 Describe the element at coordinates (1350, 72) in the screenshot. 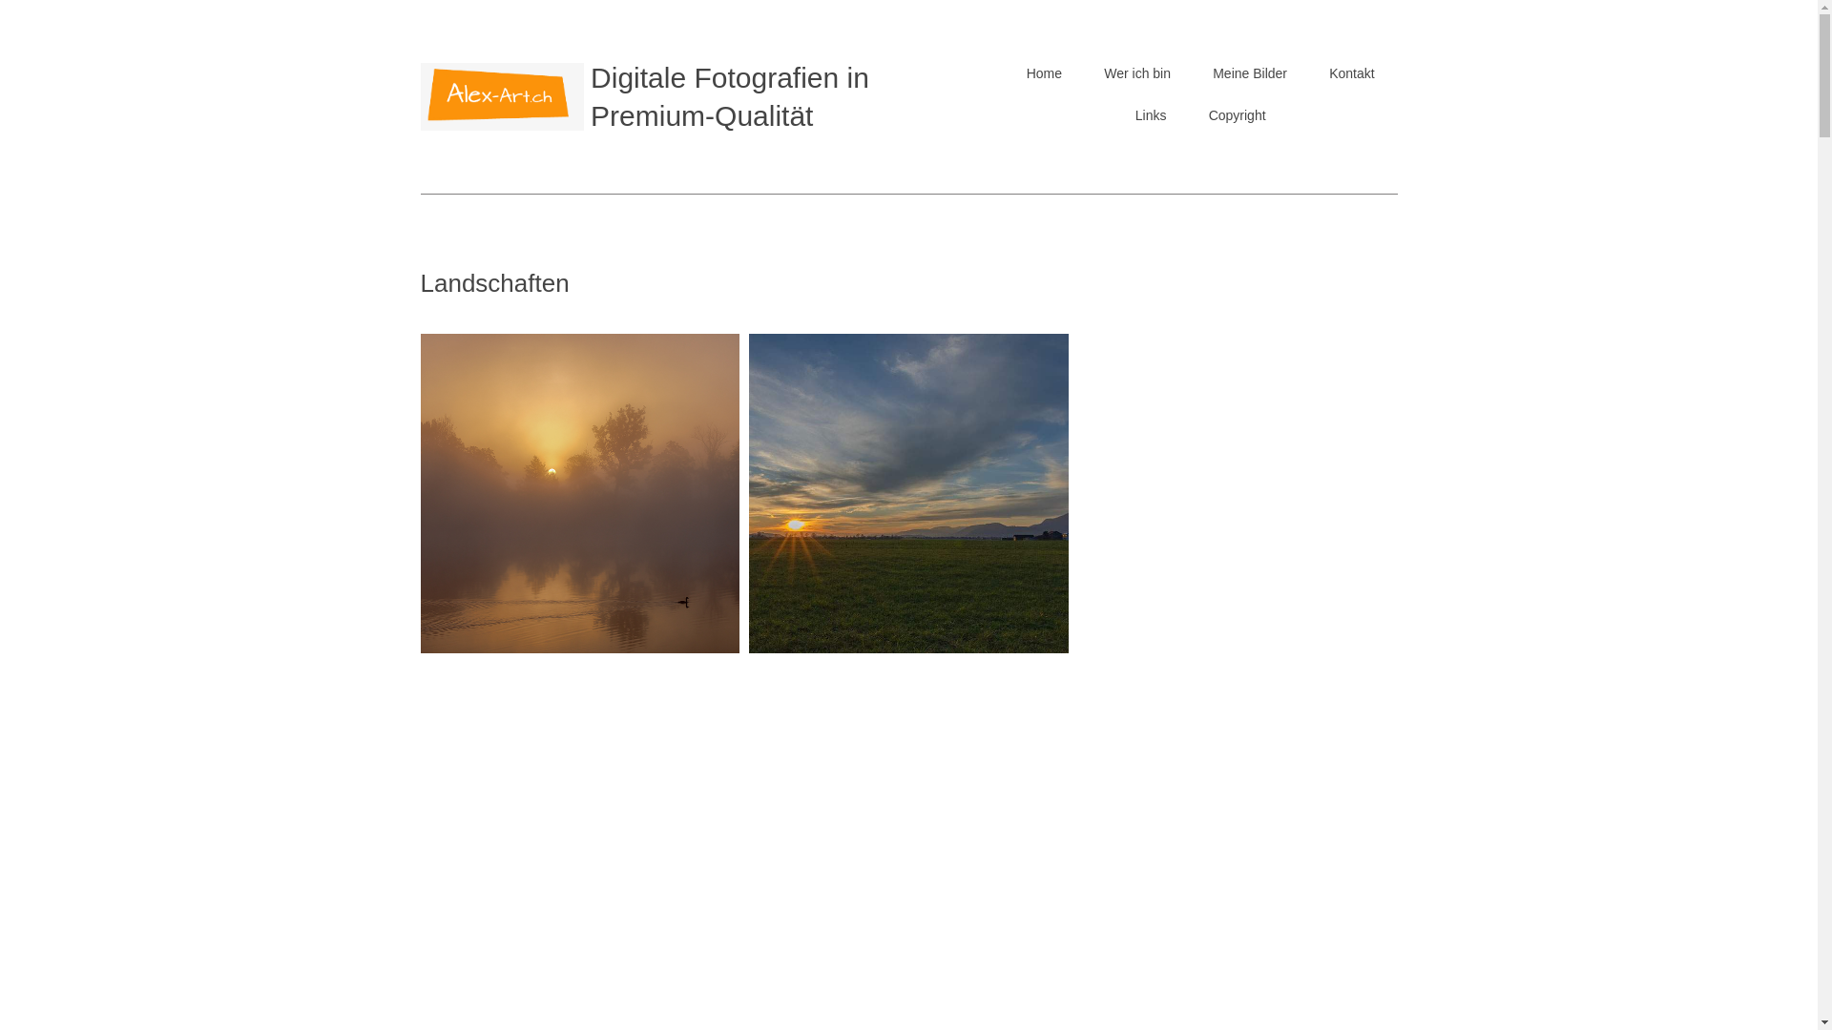

I see `'Kontakt'` at that location.